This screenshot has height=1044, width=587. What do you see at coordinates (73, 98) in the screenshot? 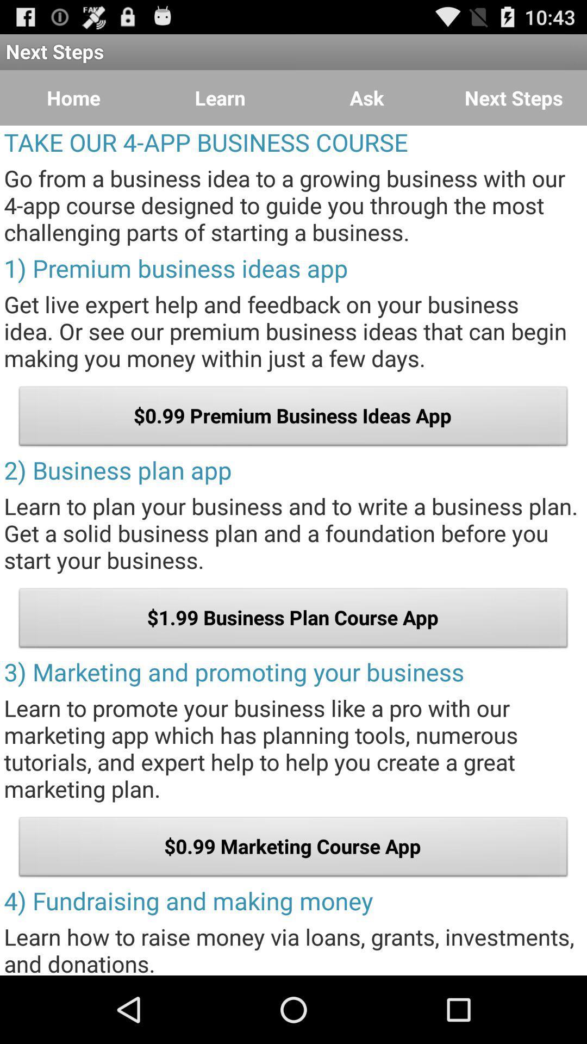
I see `the home icon` at bounding box center [73, 98].